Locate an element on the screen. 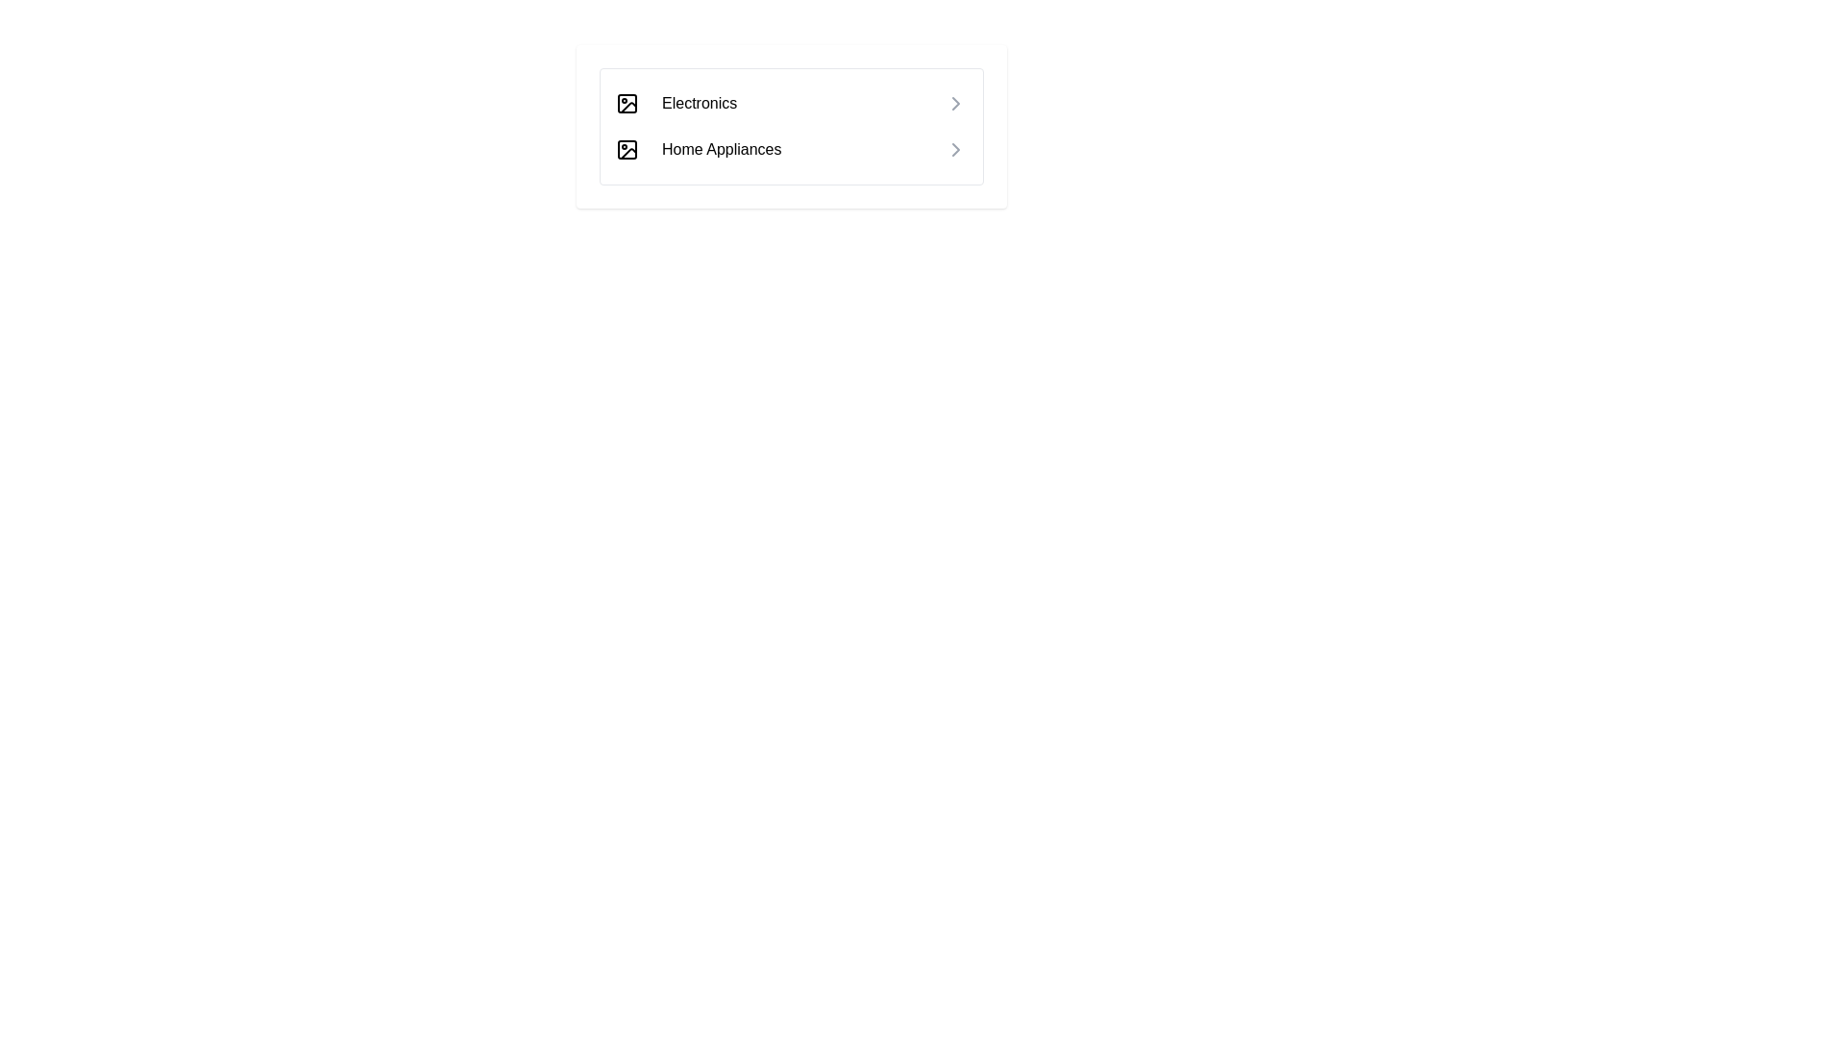  the navigability icon located to the right of the 'Home Appliances' text is located at coordinates (955, 148).